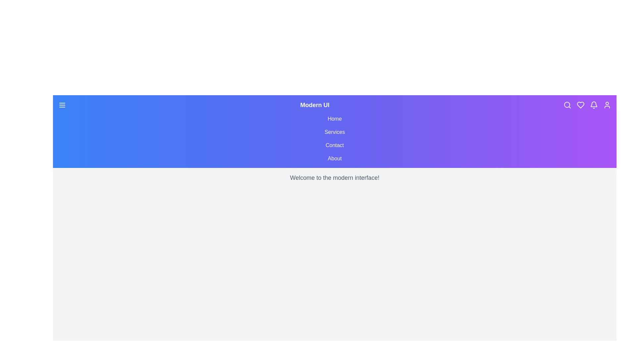 This screenshot has height=357, width=636. Describe the element at coordinates (580, 104) in the screenshot. I see `the heart icon to perform a favorites-related action` at that location.